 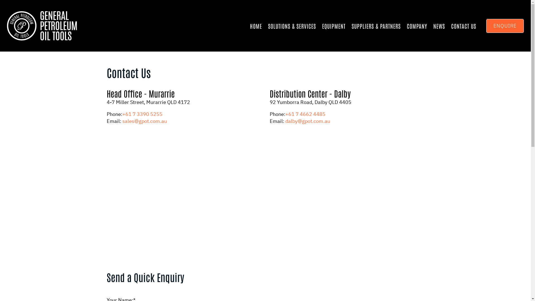 What do you see at coordinates (417, 26) in the screenshot?
I see `'COMPANY'` at bounding box center [417, 26].